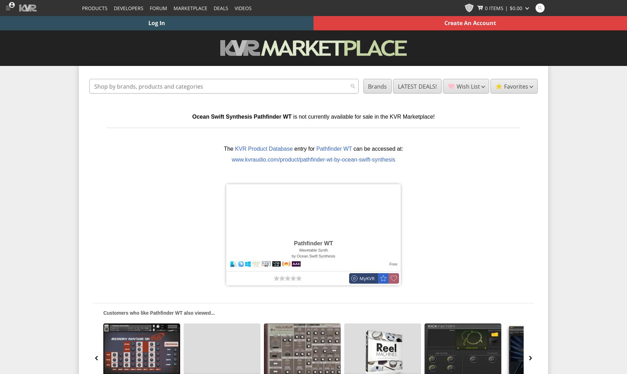 This screenshot has height=374, width=627. I want to click on 'MyKVR', so click(367, 278).